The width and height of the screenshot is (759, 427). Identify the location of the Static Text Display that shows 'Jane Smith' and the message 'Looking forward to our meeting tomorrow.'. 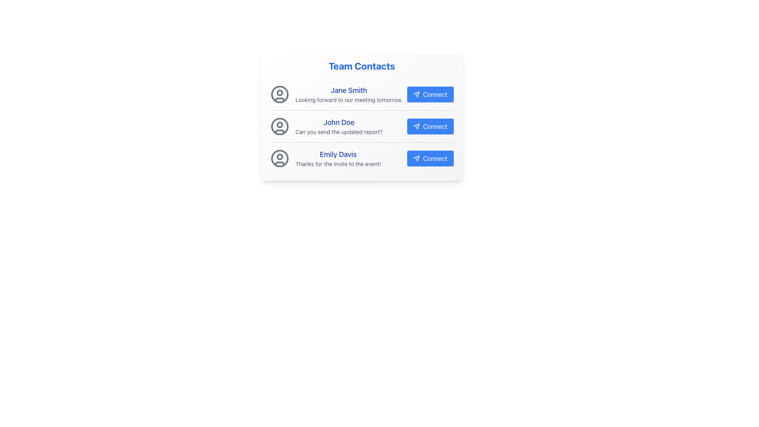
(348, 94).